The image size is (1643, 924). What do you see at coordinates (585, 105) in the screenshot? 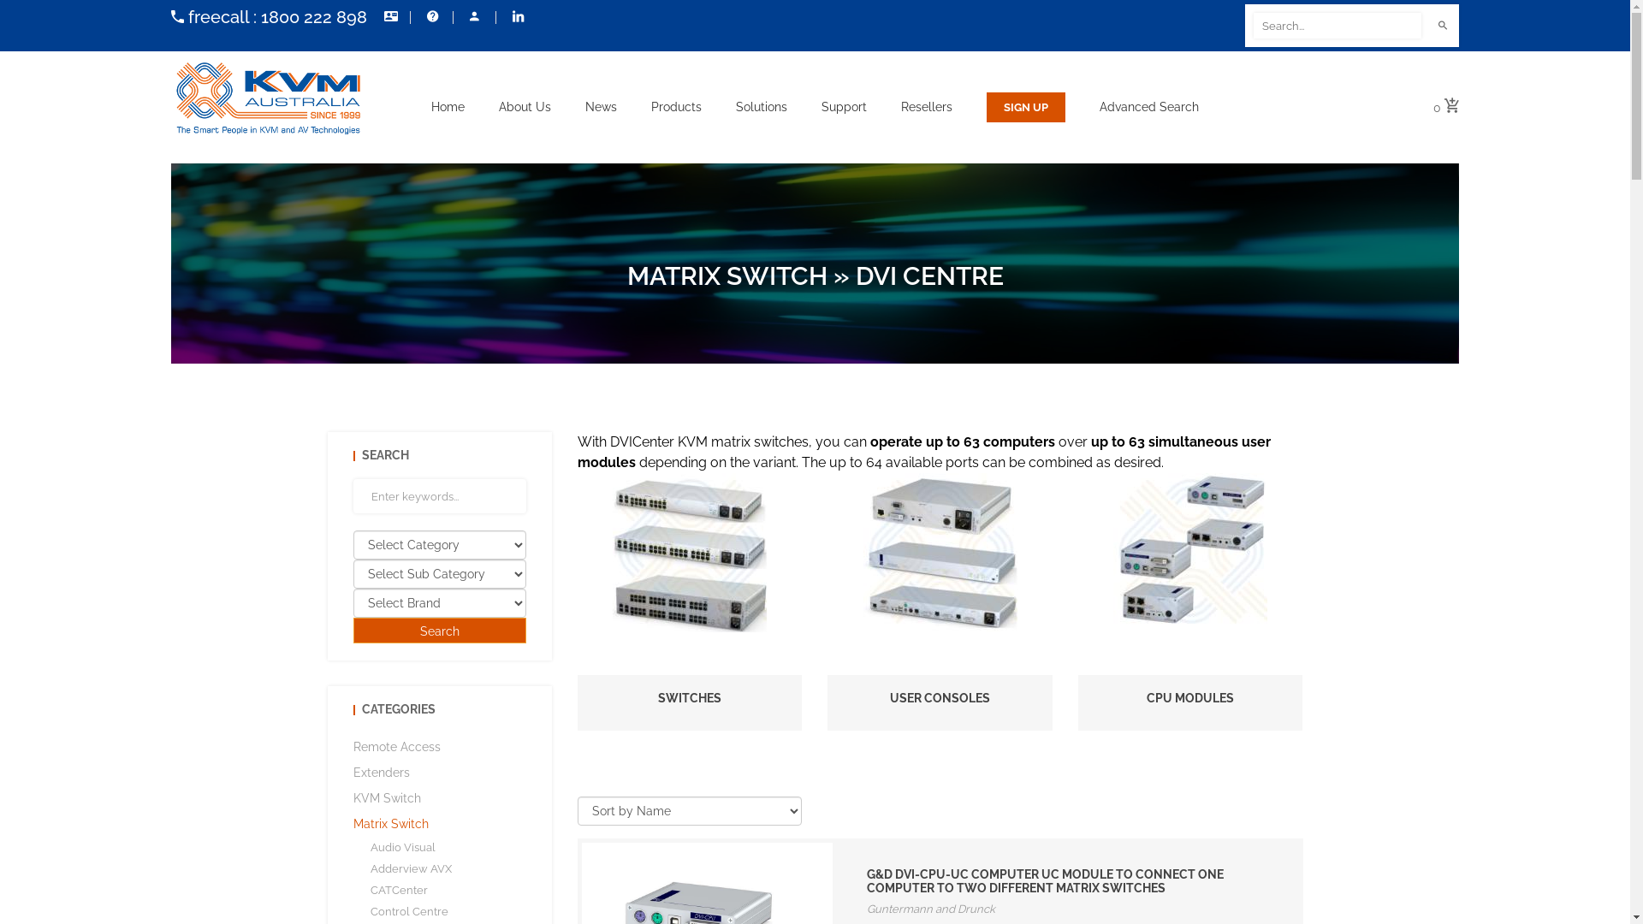
I see `'News'` at bounding box center [585, 105].